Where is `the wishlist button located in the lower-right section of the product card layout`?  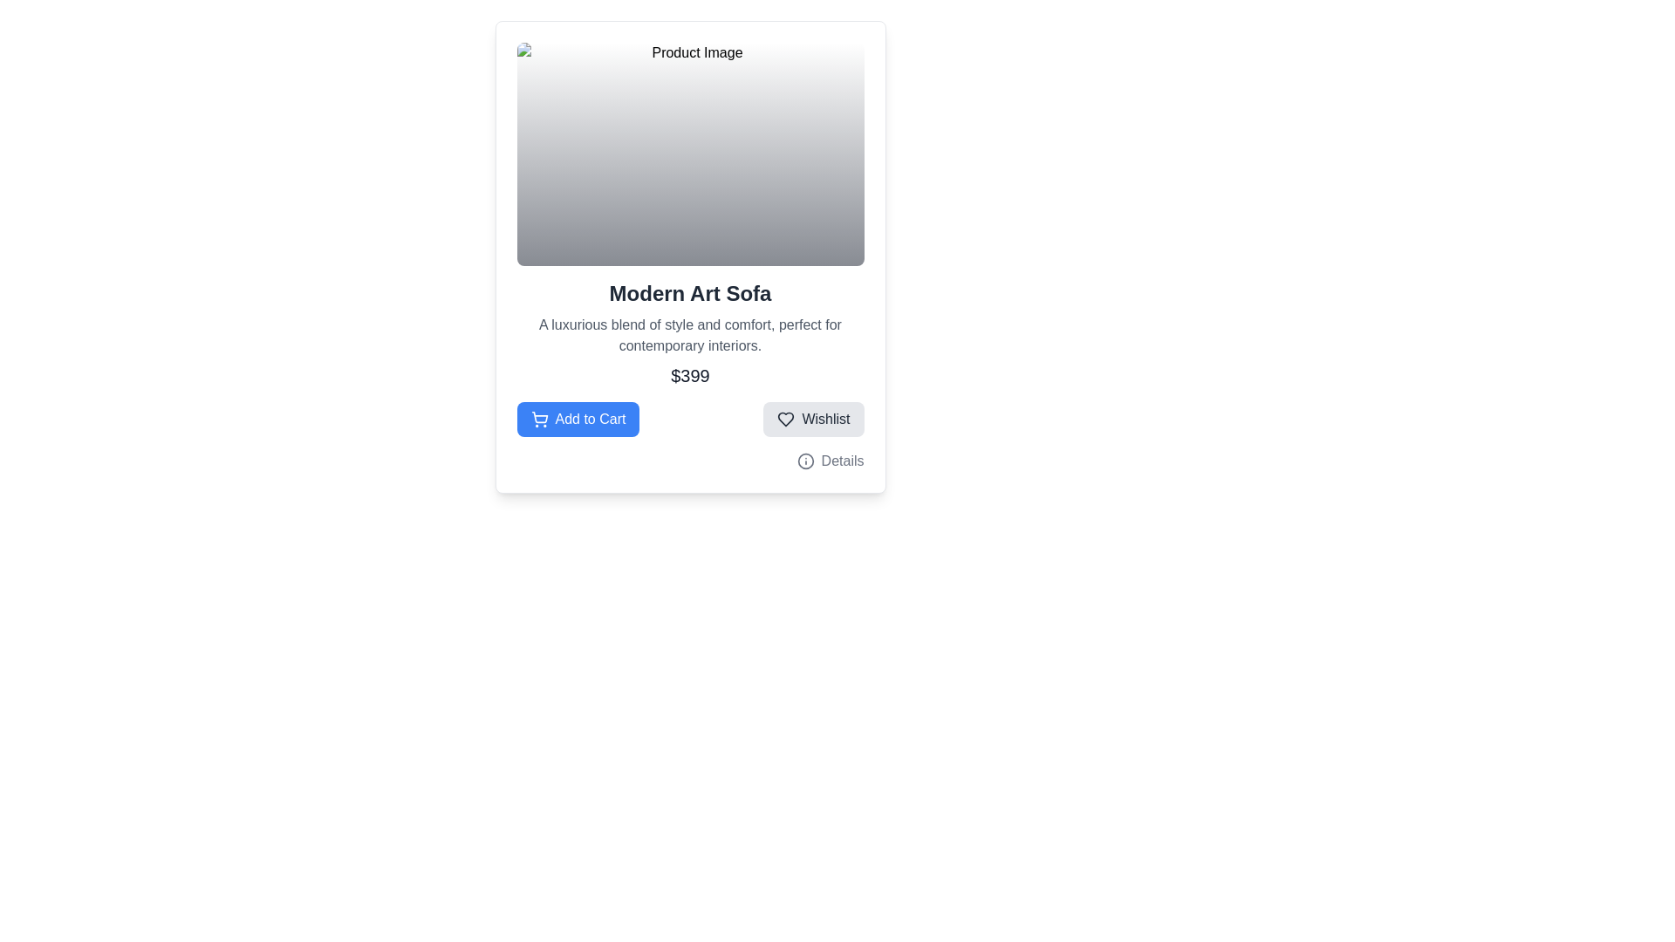 the wishlist button located in the lower-right section of the product card layout is located at coordinates (812, 420).